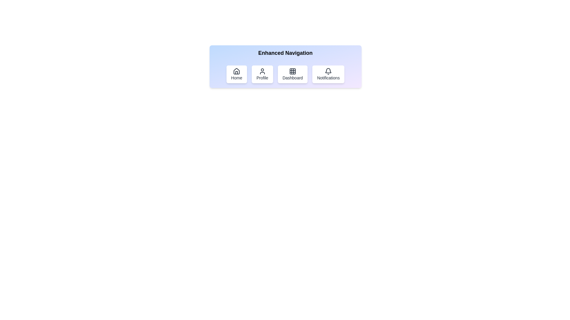 The width and height of the screenshot is (570, 320). What do you see at coordinates (236, 71) in the screenshot?
I see `the 'Home' icon located in the navigation bar` at bounding box center [236, 71].